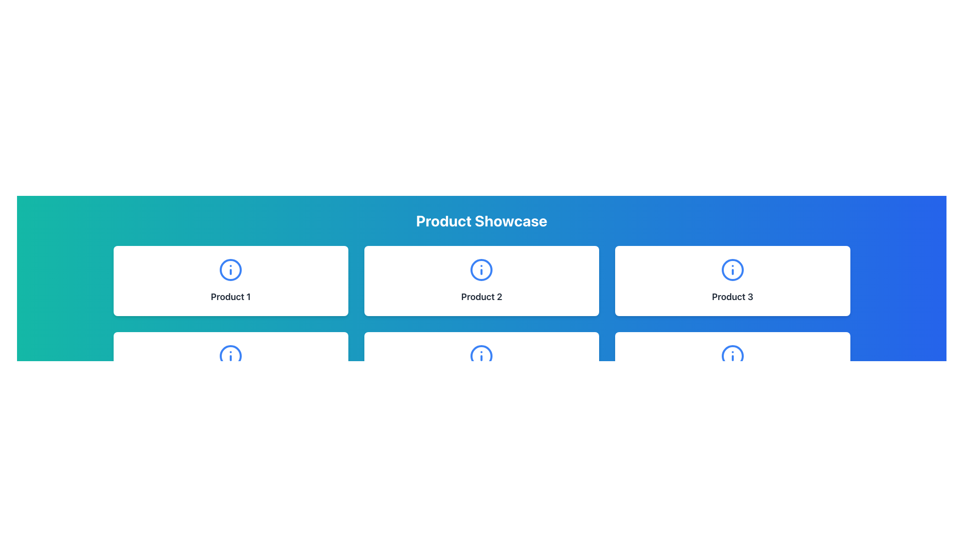  What do you see at coordinates (482, 269) in the screenshot?
I see `the main visual element of the information icon represented by an SVG circle, located in the 'Product 2' section` at bounding box center [482, 269].